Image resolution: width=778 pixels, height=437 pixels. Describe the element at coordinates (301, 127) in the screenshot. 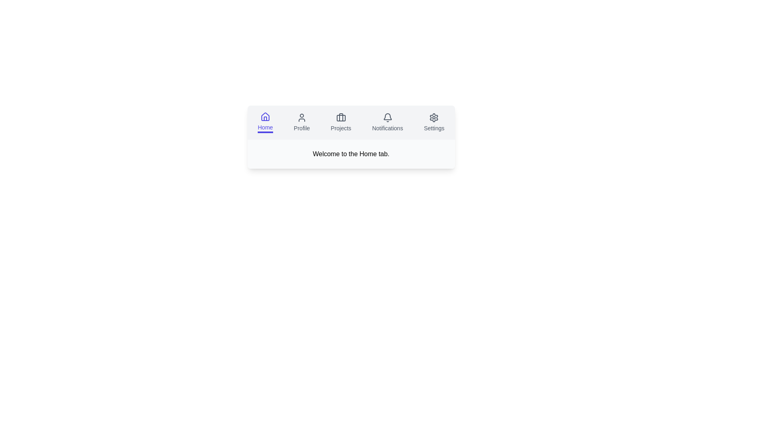

I see `text label 'Profile' located in the second item of the horizontal navigation menu, beneath the user profile icon, between 'Home' and 'Projects'` at that location.